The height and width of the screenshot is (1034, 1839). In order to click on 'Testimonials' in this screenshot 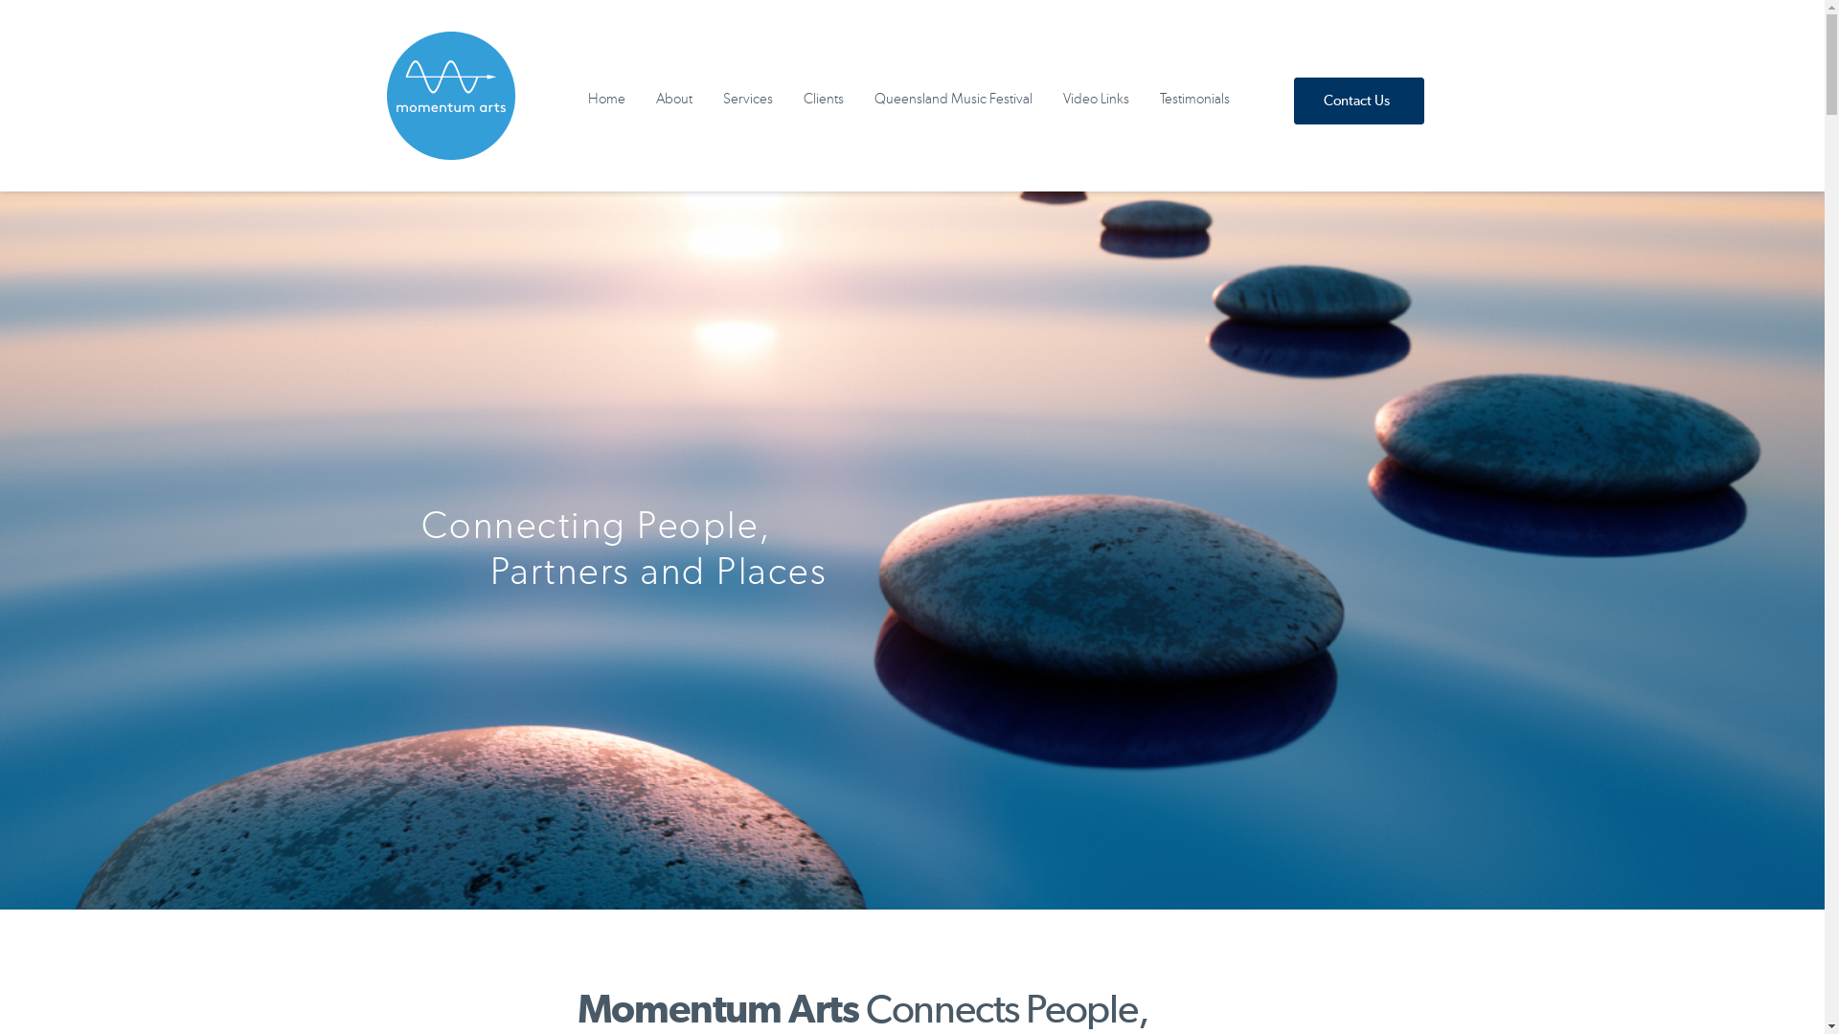, I will do `click(1193, 100)`.